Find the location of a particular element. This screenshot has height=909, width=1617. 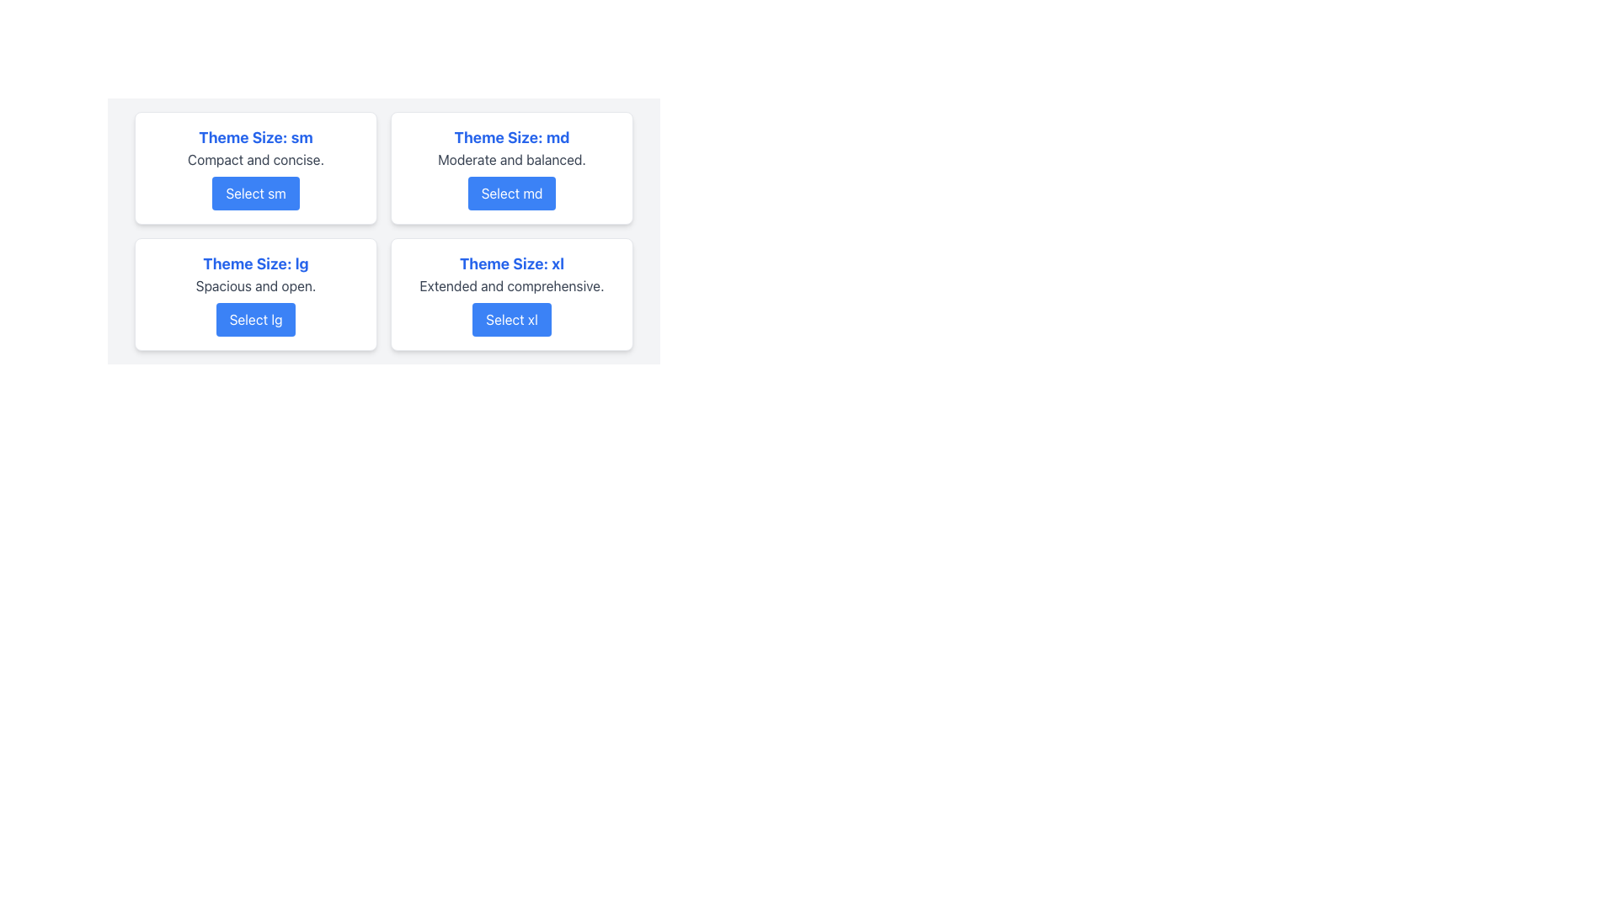

the button located at the bottom of the card labeled 'Theme Size: lg' is located at coordinates (254, 320).